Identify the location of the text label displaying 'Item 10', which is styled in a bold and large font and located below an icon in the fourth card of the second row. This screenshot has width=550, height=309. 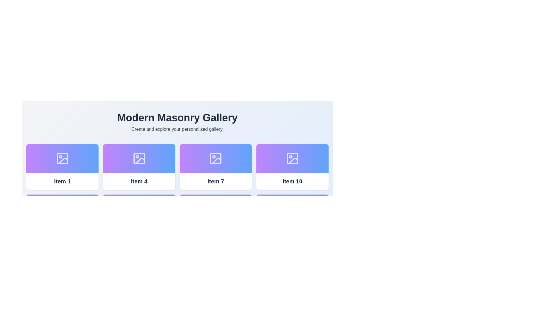
(292, 181).